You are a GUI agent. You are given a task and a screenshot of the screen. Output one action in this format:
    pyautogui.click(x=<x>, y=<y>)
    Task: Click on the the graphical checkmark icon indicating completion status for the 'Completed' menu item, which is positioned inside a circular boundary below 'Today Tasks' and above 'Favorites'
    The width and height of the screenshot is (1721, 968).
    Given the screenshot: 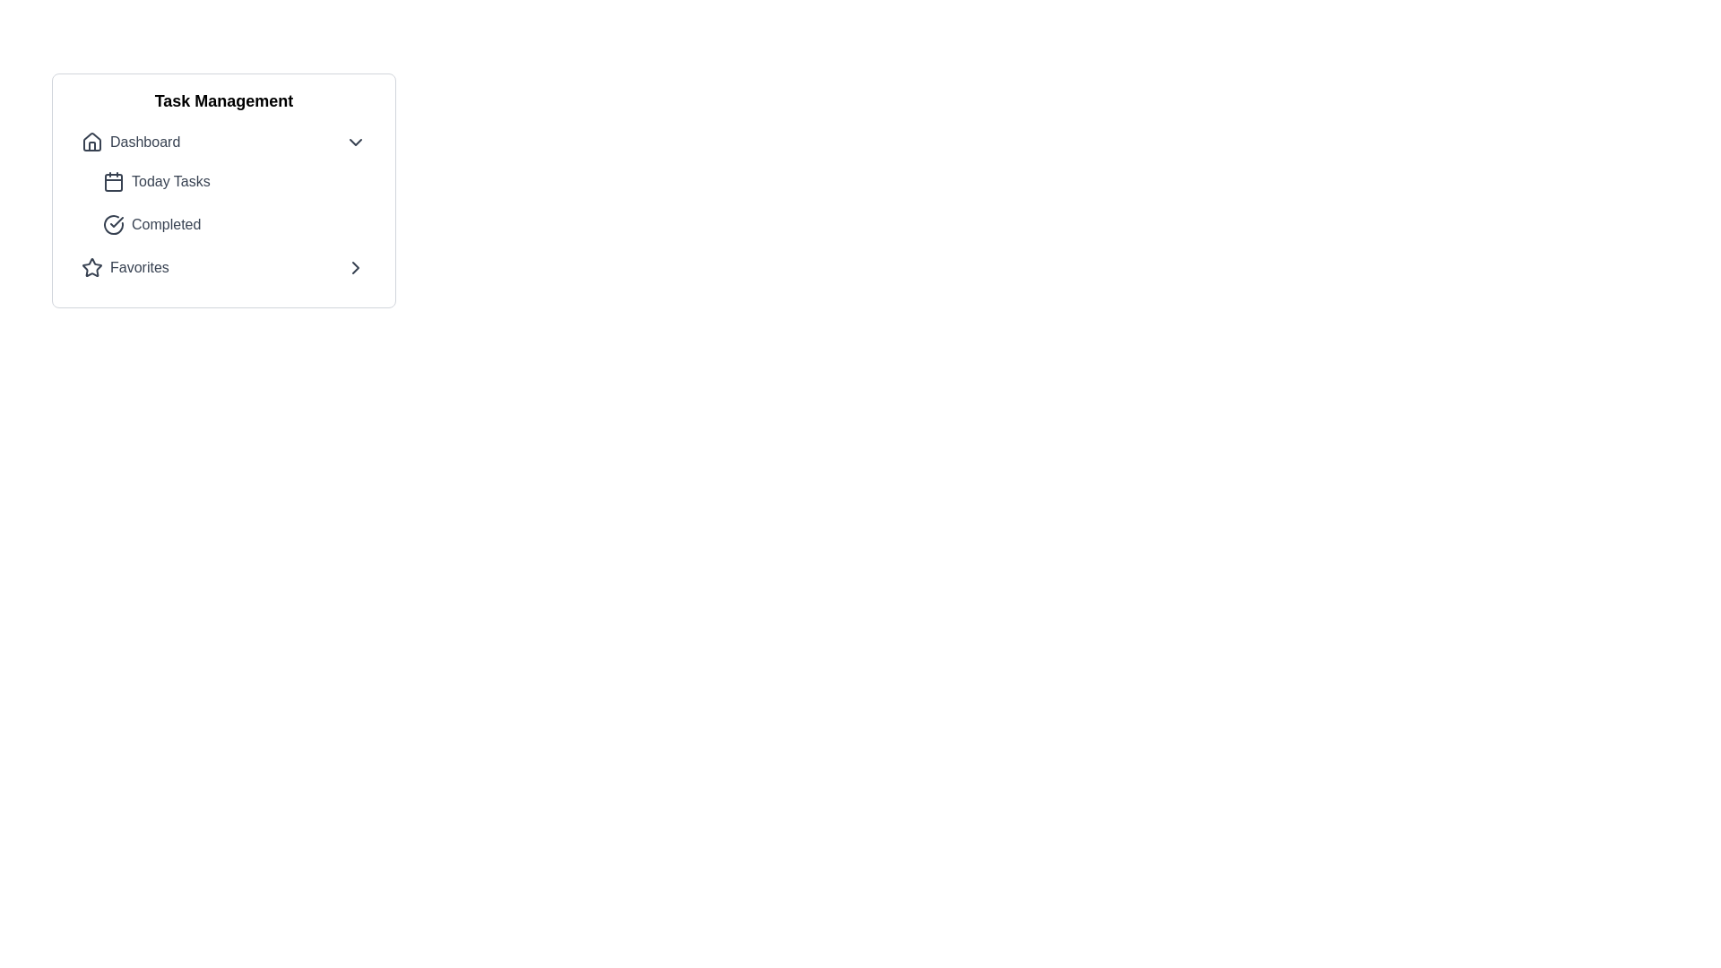 What is the action you would take?
    pyautogui.click(x=116, y=220)
    